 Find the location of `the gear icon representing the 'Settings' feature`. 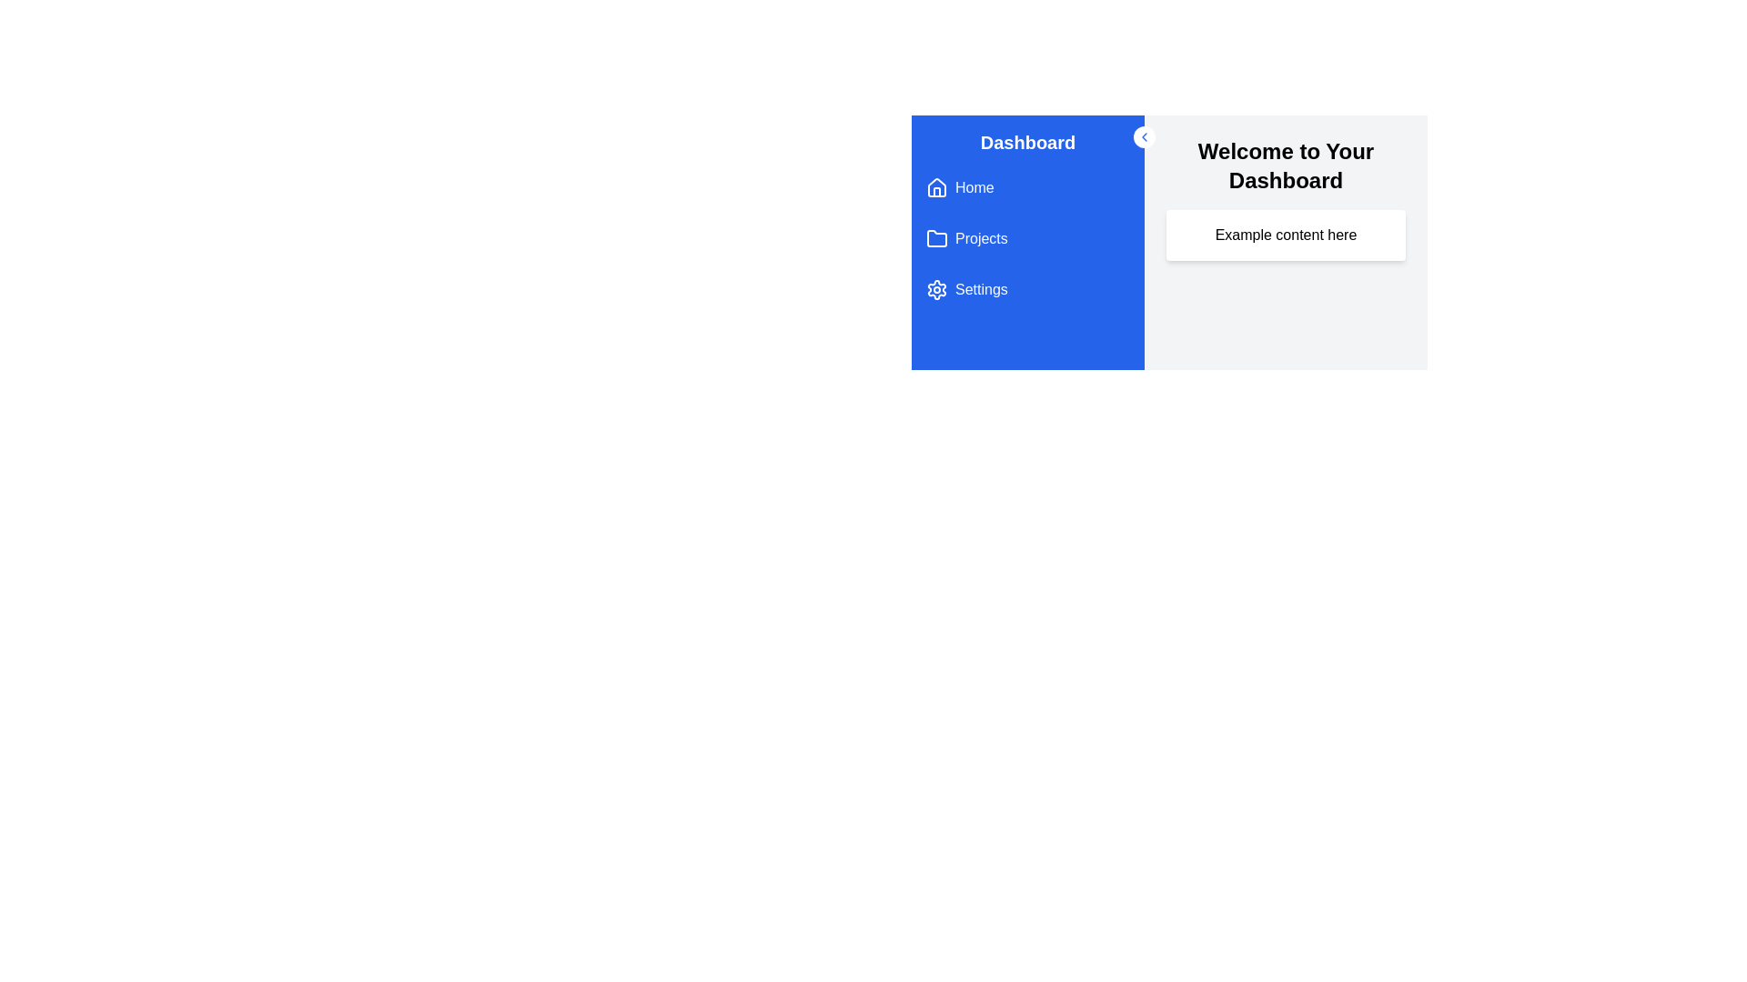

the gear icon representing the 'Settings' feature is located at coordinates (937, 289).